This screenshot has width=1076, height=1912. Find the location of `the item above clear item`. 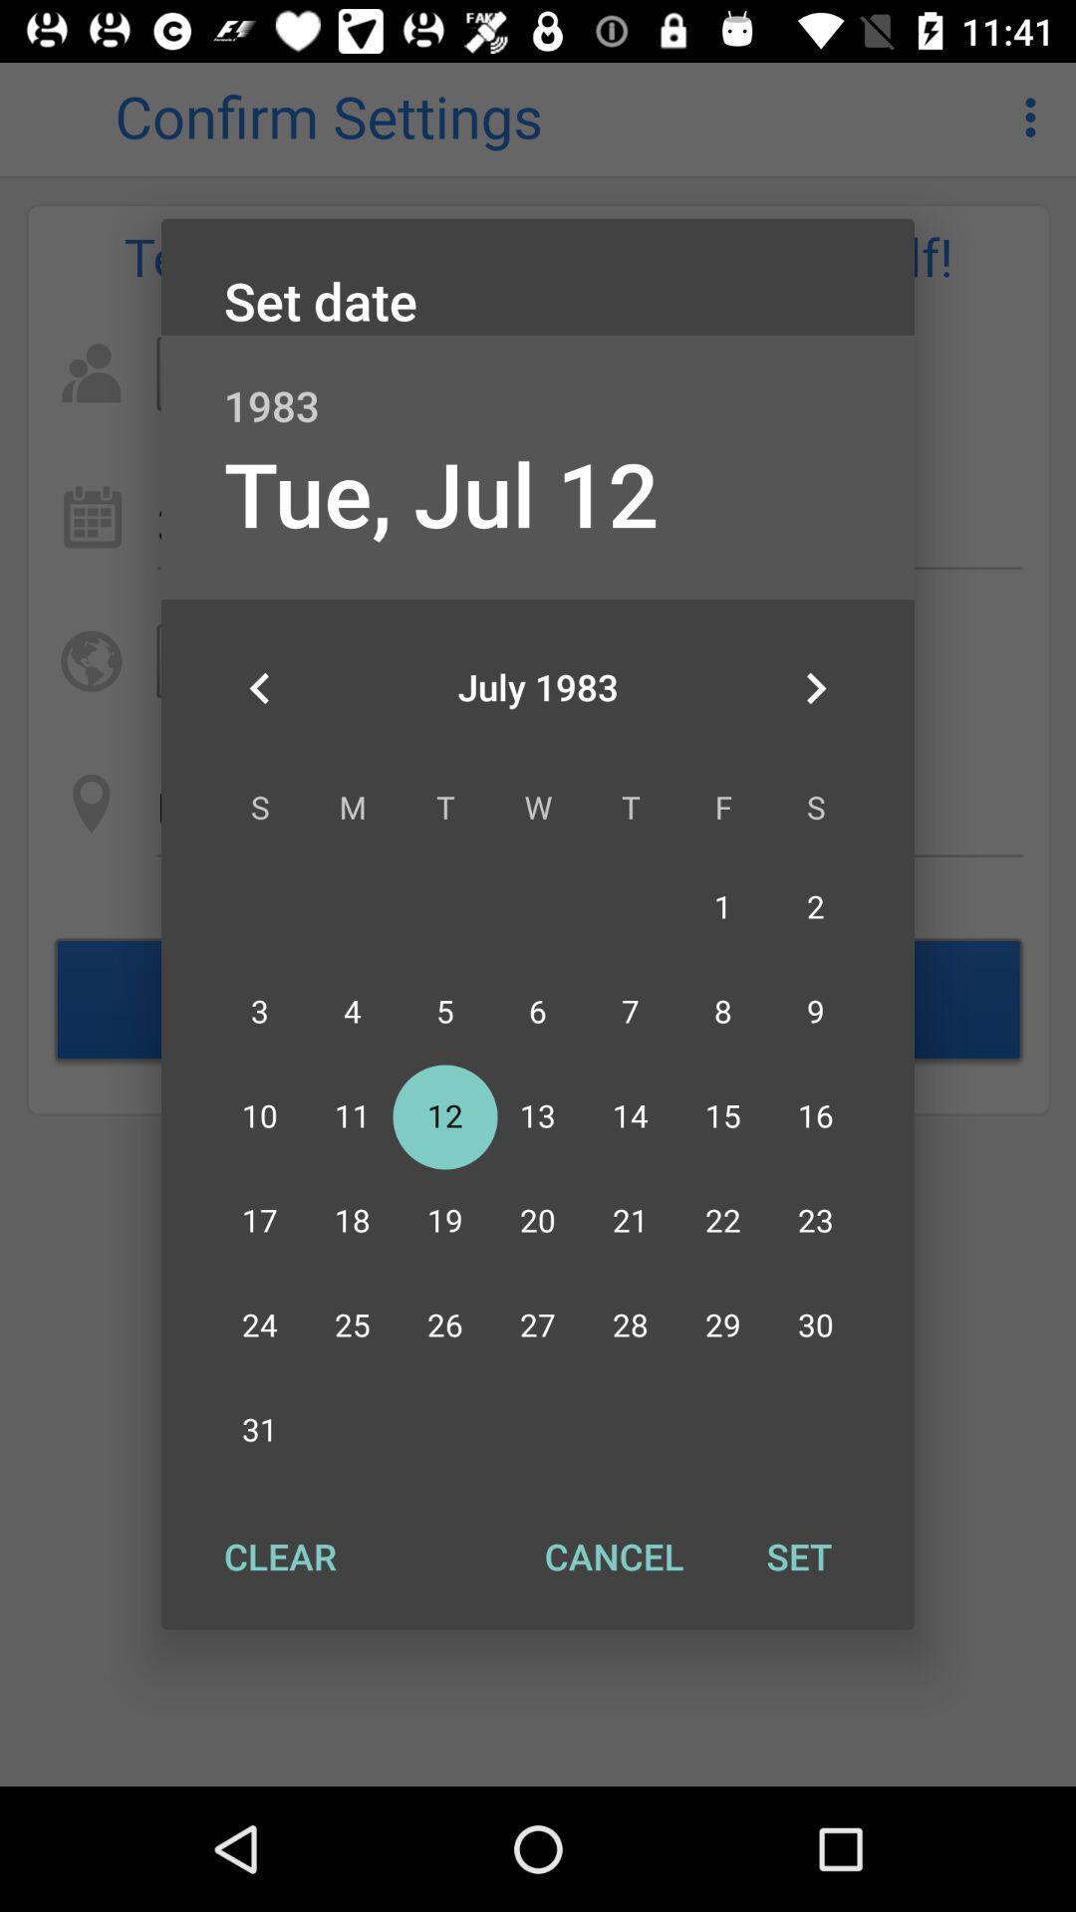

the item above clear item is located at coordinates (259, 688).